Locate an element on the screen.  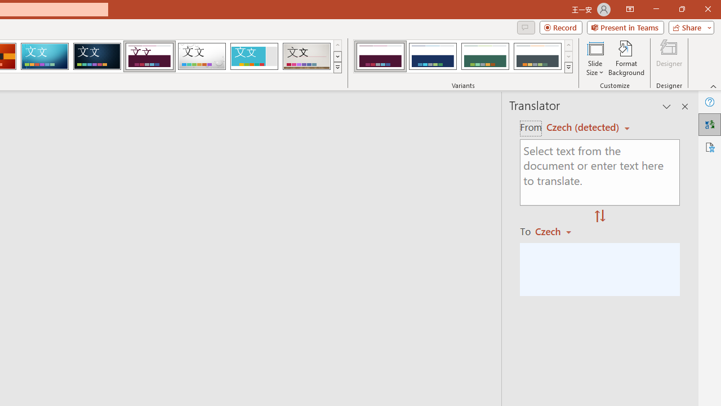
'Dividend Variant 1' is located at coordinates (380, 56).